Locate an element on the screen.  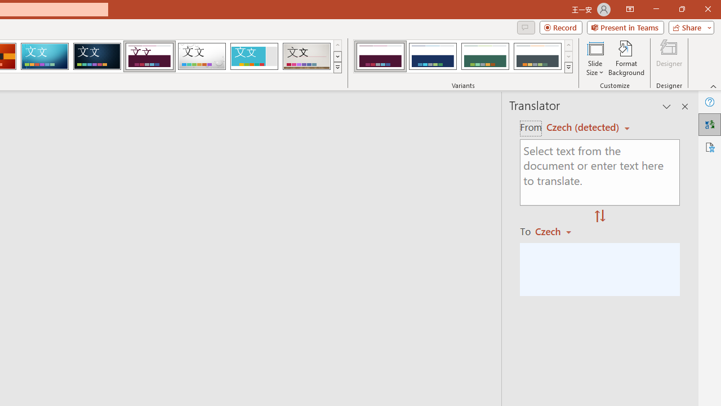
'Dividend Variant 1' is located at coordinates (380, 56).